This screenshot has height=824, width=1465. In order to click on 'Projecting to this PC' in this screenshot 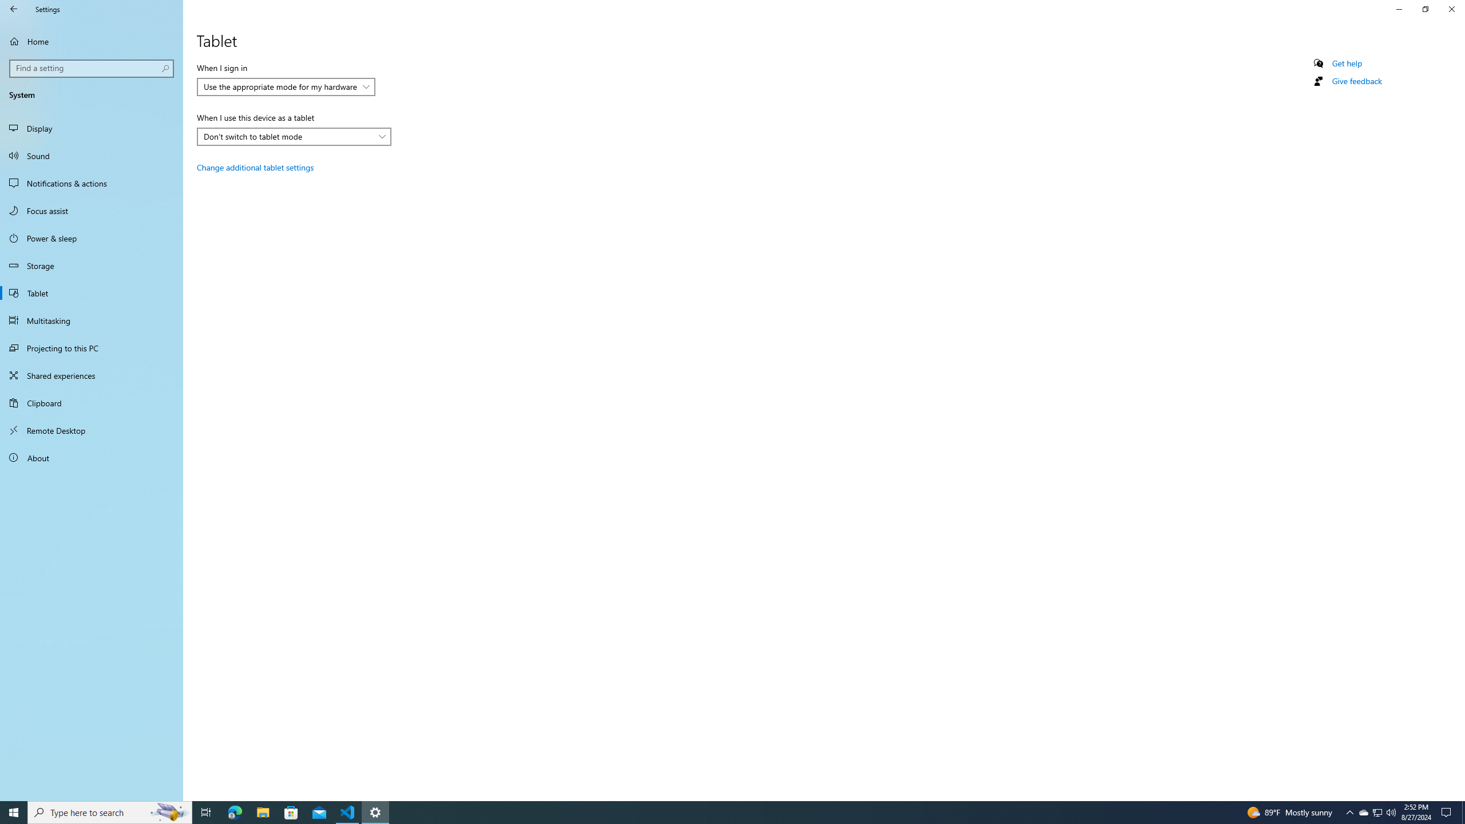, I will do `click(91, 348)`.